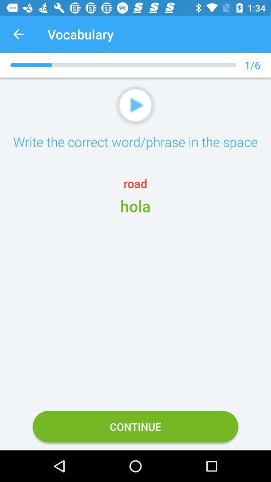  Describe the element at coordinates (135, 426) in the screenshot. I see `item below hola` at that location.